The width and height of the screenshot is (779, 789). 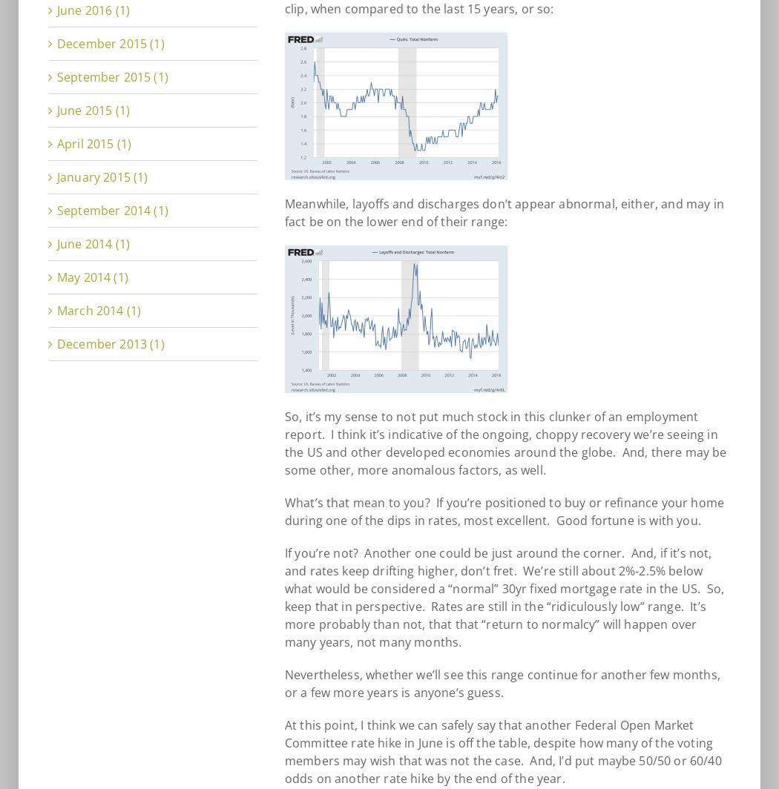 What do you see at coordinates (284, 512) in the screenshot?
I see `'What’s that mean to you?  If you’re positioned to buy or refinance your home during one of the dips in rates, most excellent.  Good fortune is with you.'` at bounding box center [284, 512].